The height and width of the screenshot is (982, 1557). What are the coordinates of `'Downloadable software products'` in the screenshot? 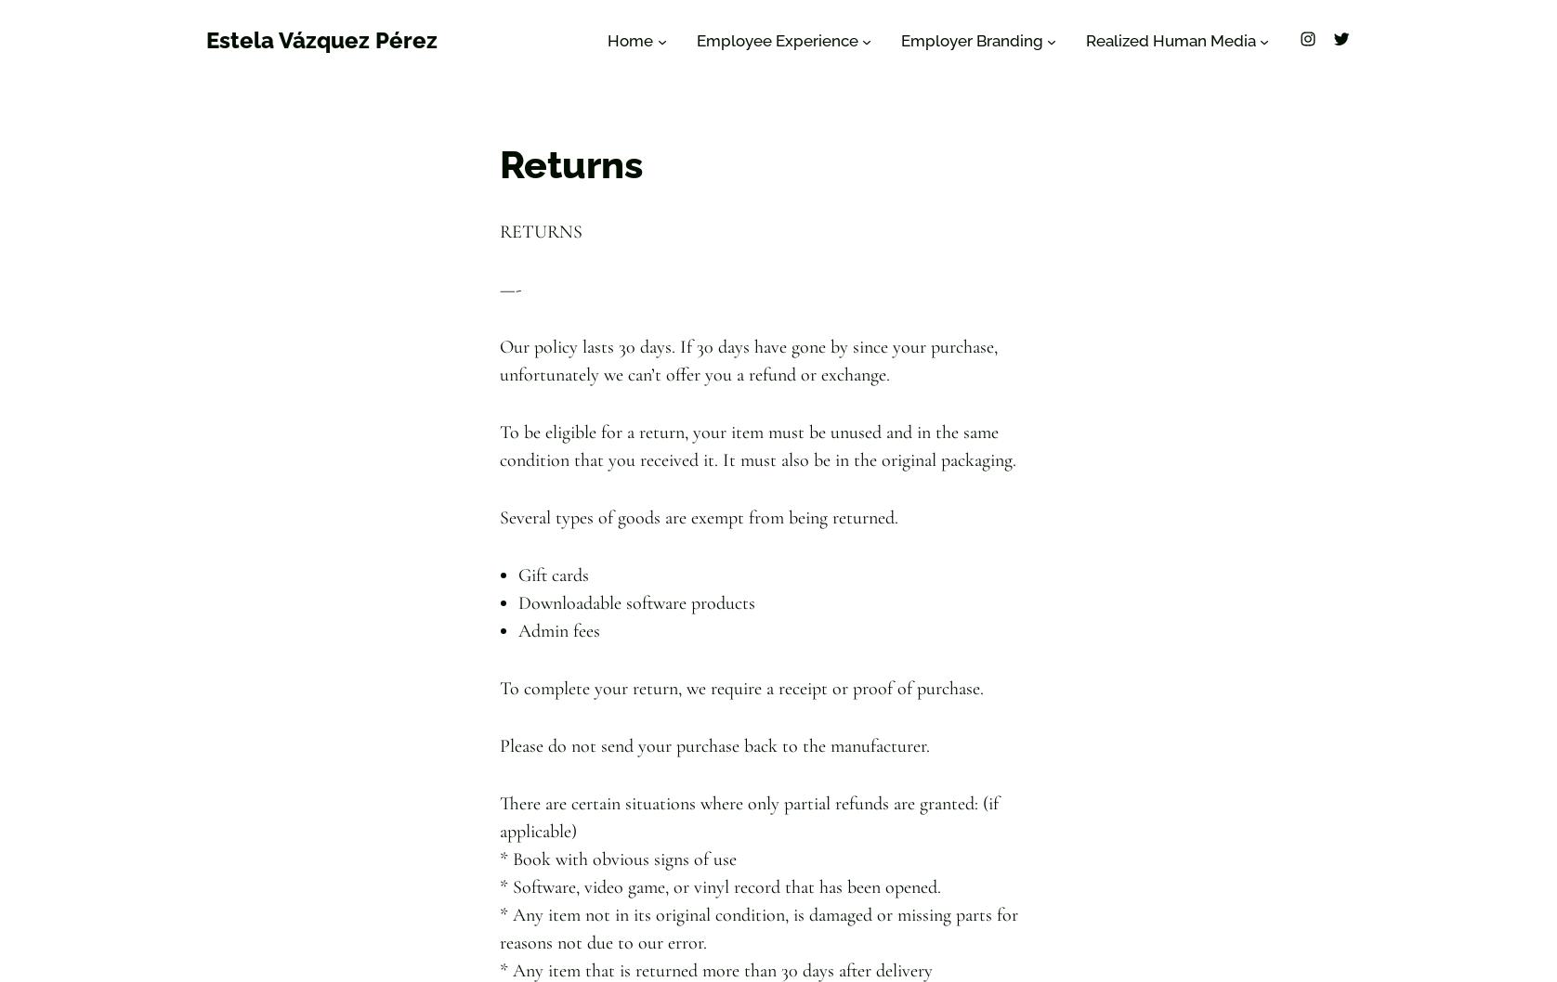 It's located at (635, 601).